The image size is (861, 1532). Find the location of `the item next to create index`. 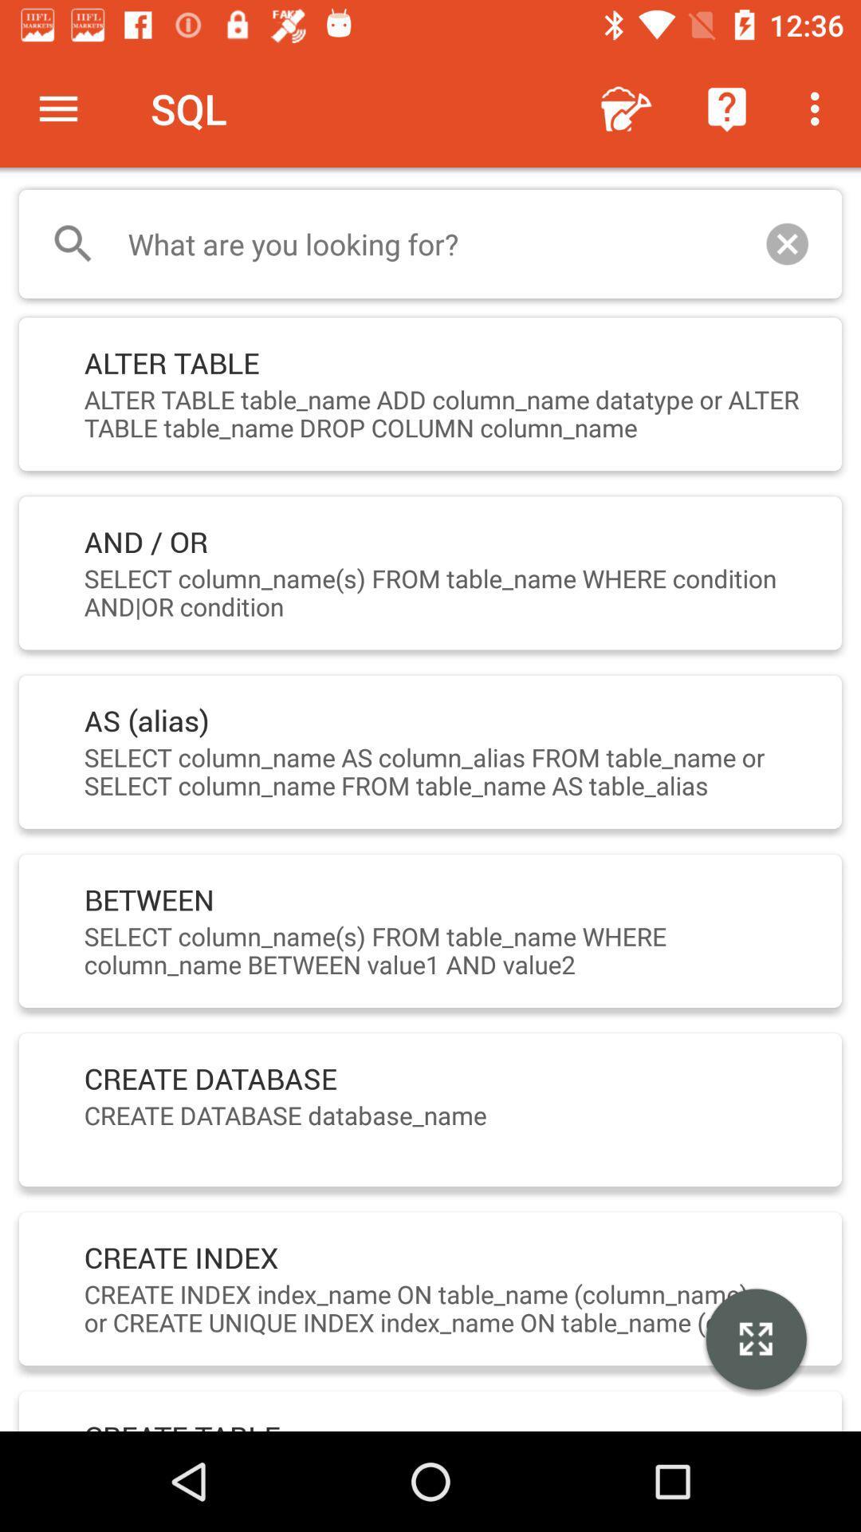

the item next to create index is located at coordinates (755, 1340).